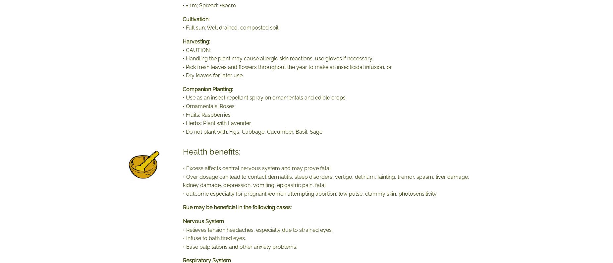  Describe the element at coordinates (253, 131) in the screenshot. I see `'• Do not plant with: Figs, Cabbage, Cucumber, Basil, Sage.'` at that location.